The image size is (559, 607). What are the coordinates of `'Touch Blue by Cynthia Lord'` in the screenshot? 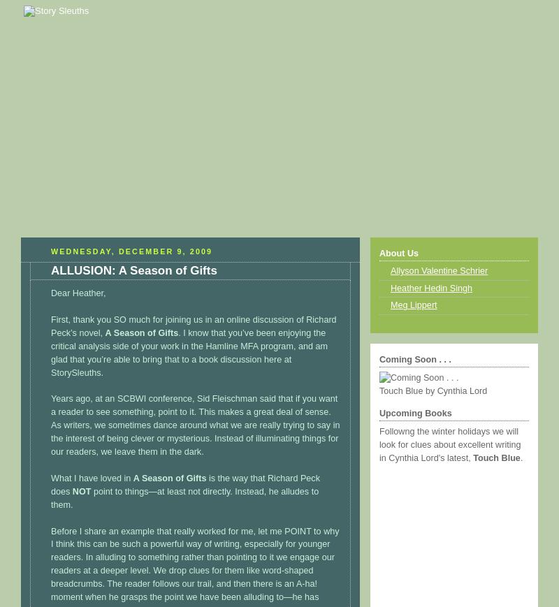 It's located at (433, 390).